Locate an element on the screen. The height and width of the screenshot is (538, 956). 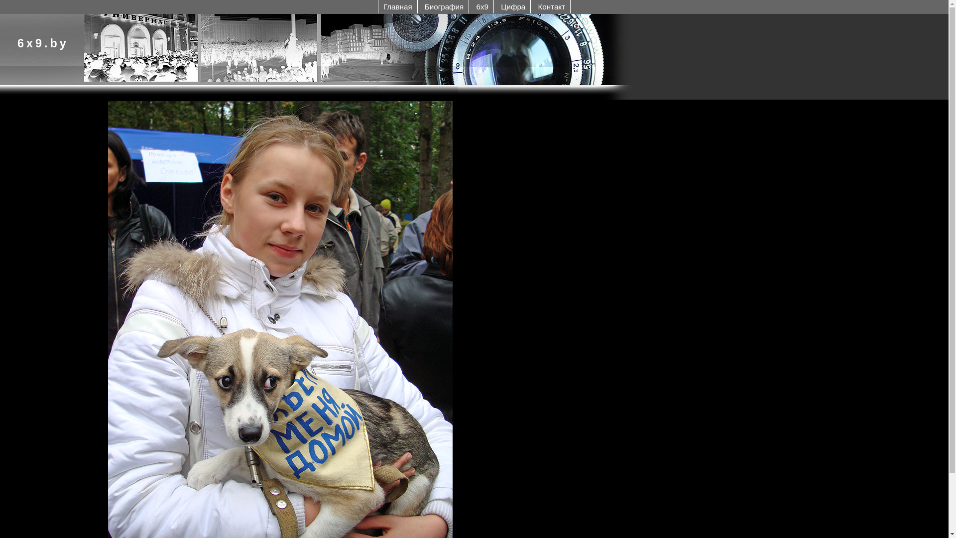
'6x9' is located at coordinates (482, 6).